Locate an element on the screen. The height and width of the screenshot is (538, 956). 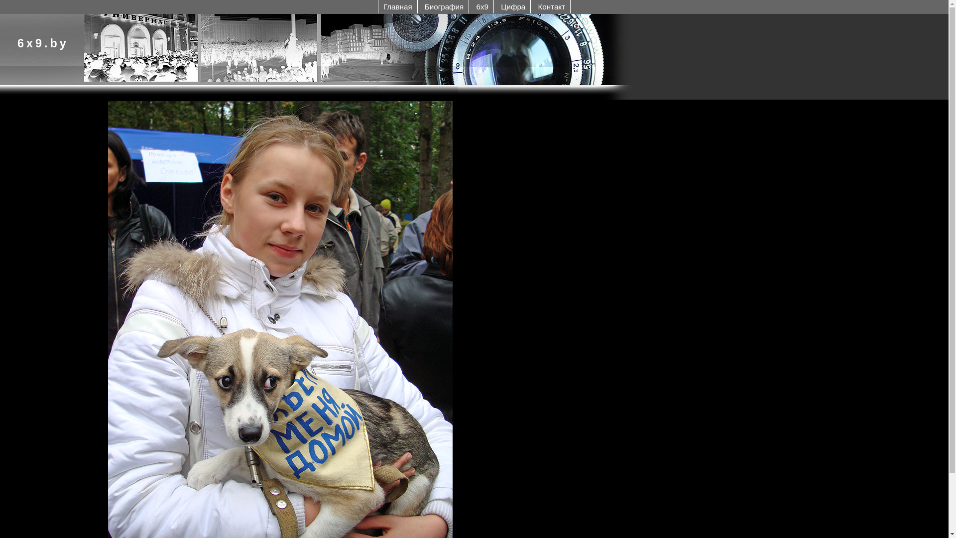
'6x9' is located at coordinates (482, 6).